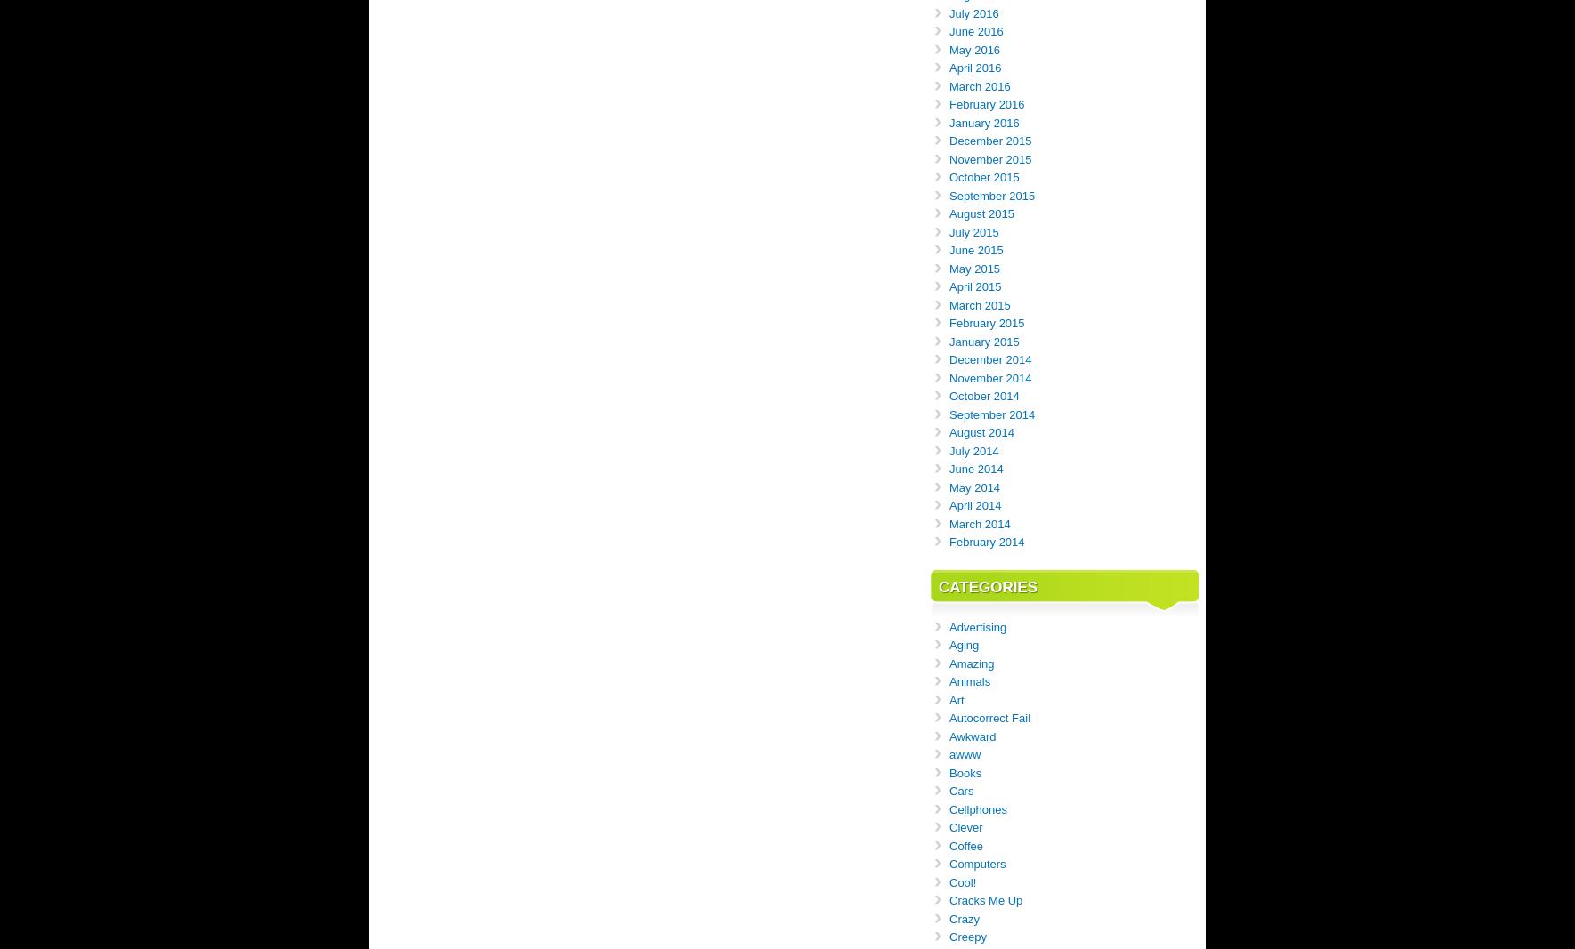 This screenshot has width=1575, height=949. I want to click on 'January 2015', so click(984, 340).